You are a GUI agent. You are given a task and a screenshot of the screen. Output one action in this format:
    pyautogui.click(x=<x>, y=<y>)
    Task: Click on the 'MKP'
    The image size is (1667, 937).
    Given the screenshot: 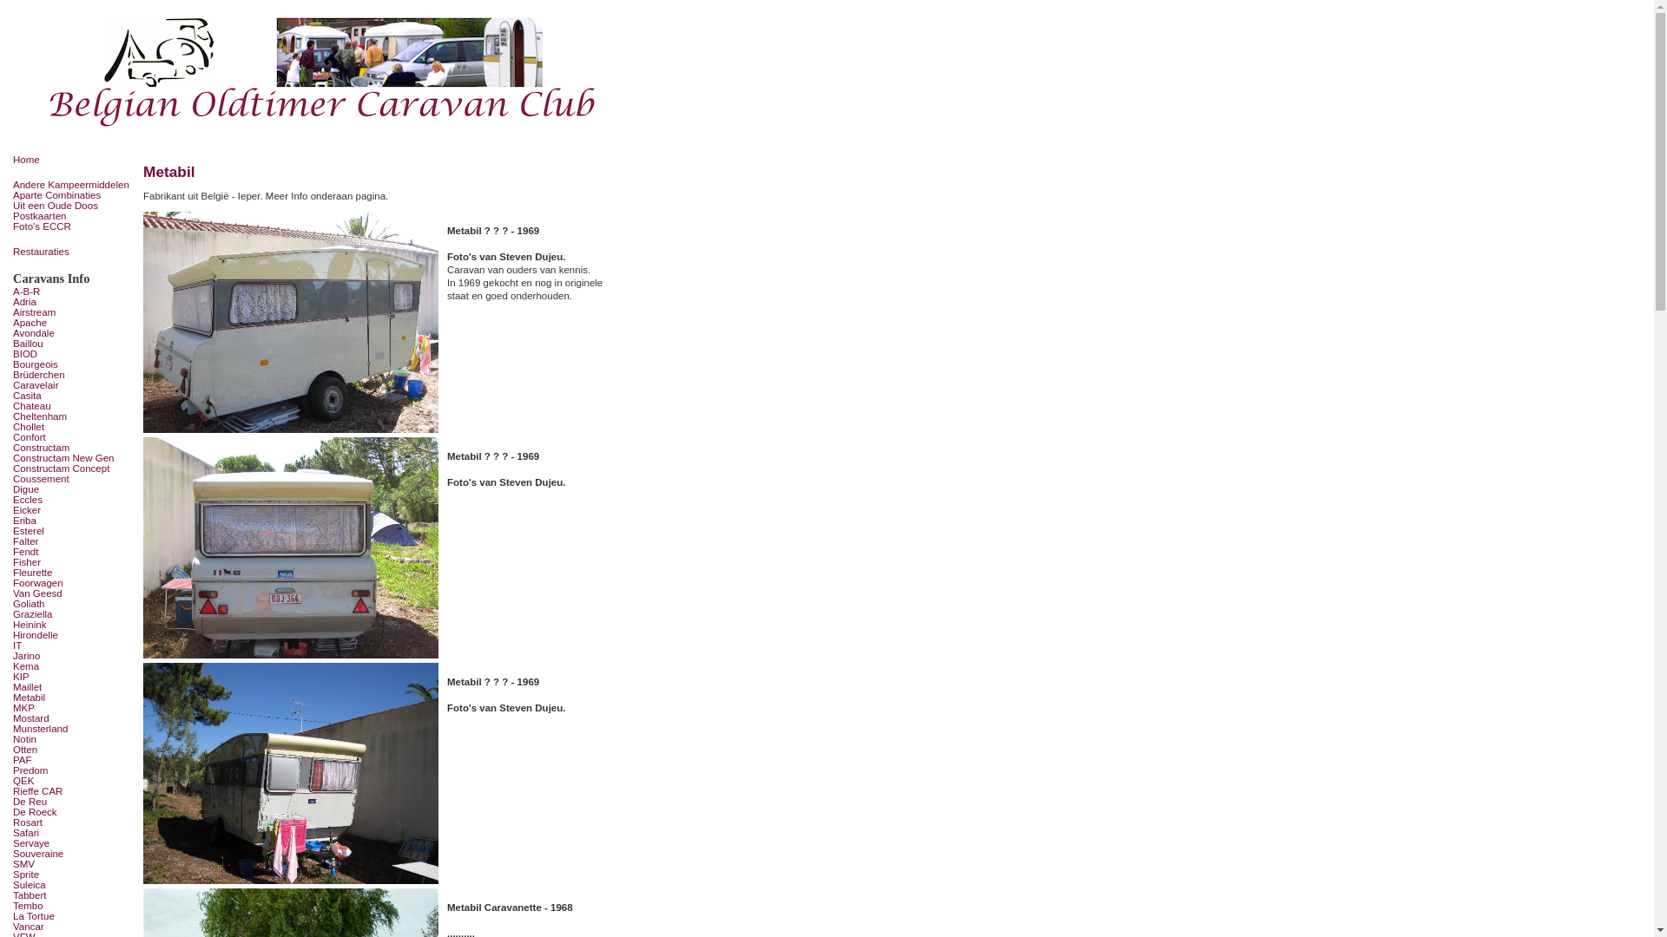 What is the action you would take?
    pyautogui.click(x=73, y=708)
    